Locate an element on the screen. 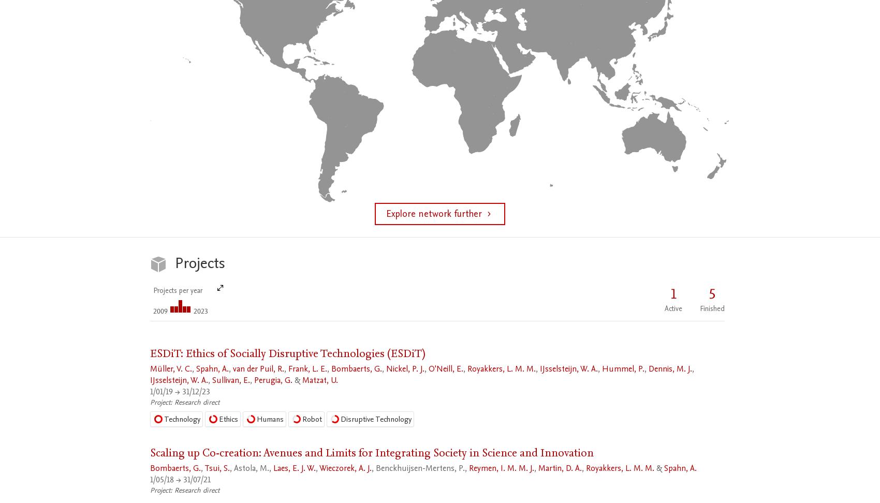 The image size is (880, 503). 'Perugia, G.' is located at coordinates (254, 380).